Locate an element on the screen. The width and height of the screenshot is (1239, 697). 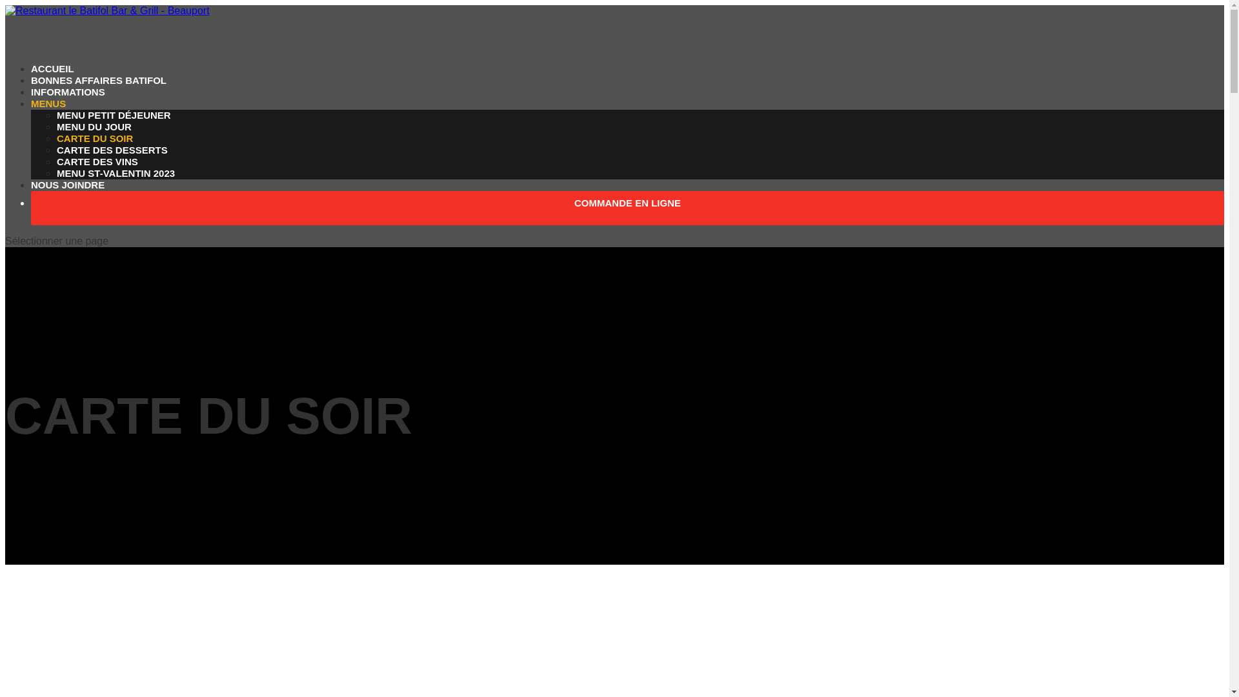
'CARTE DU SOIR' is located at coordinates (94, 138).